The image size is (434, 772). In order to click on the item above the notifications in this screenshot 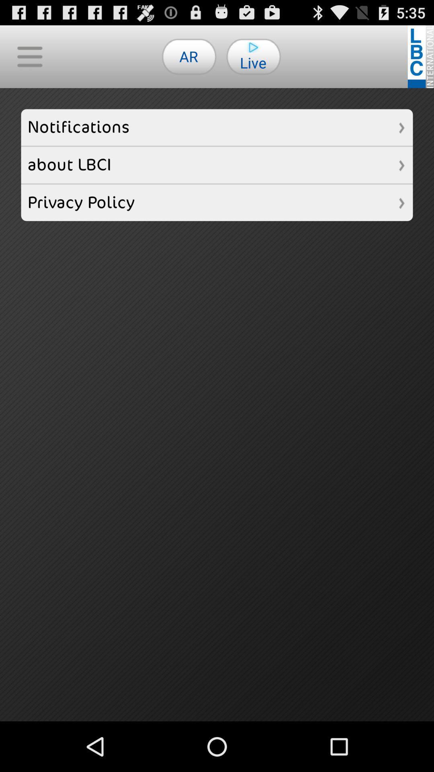, I will do `click(189, 56)`.